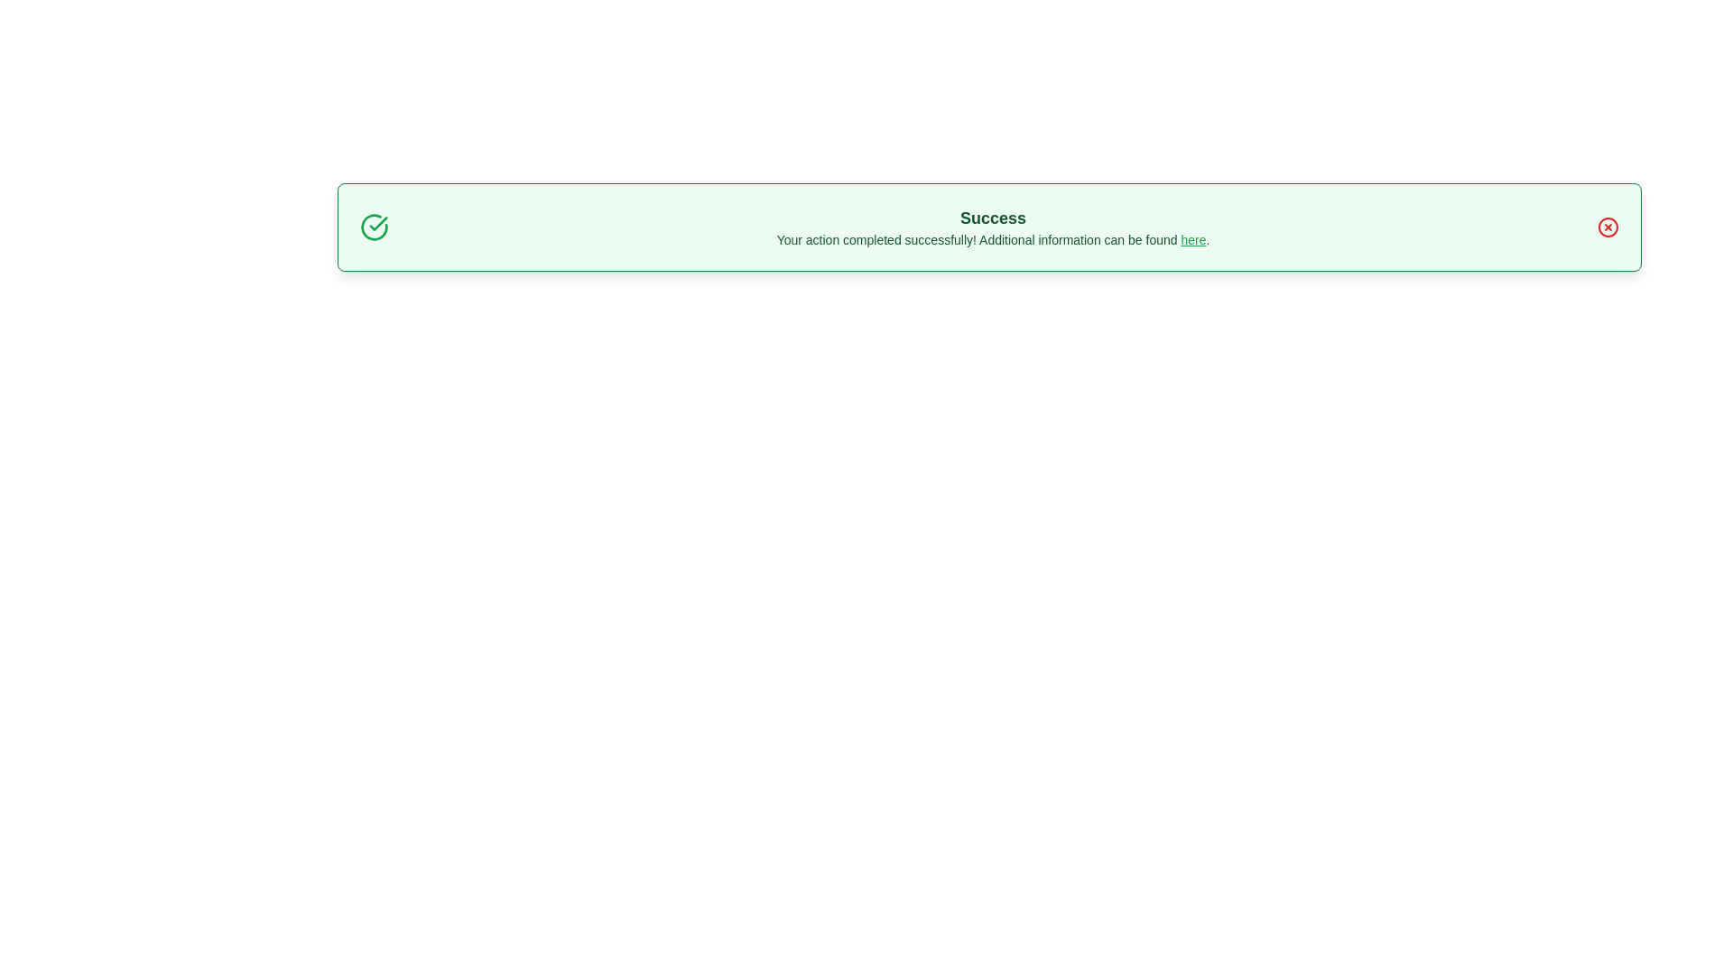  I want to click on the link labeled 'here' to access additional information, so click(1192, 239).